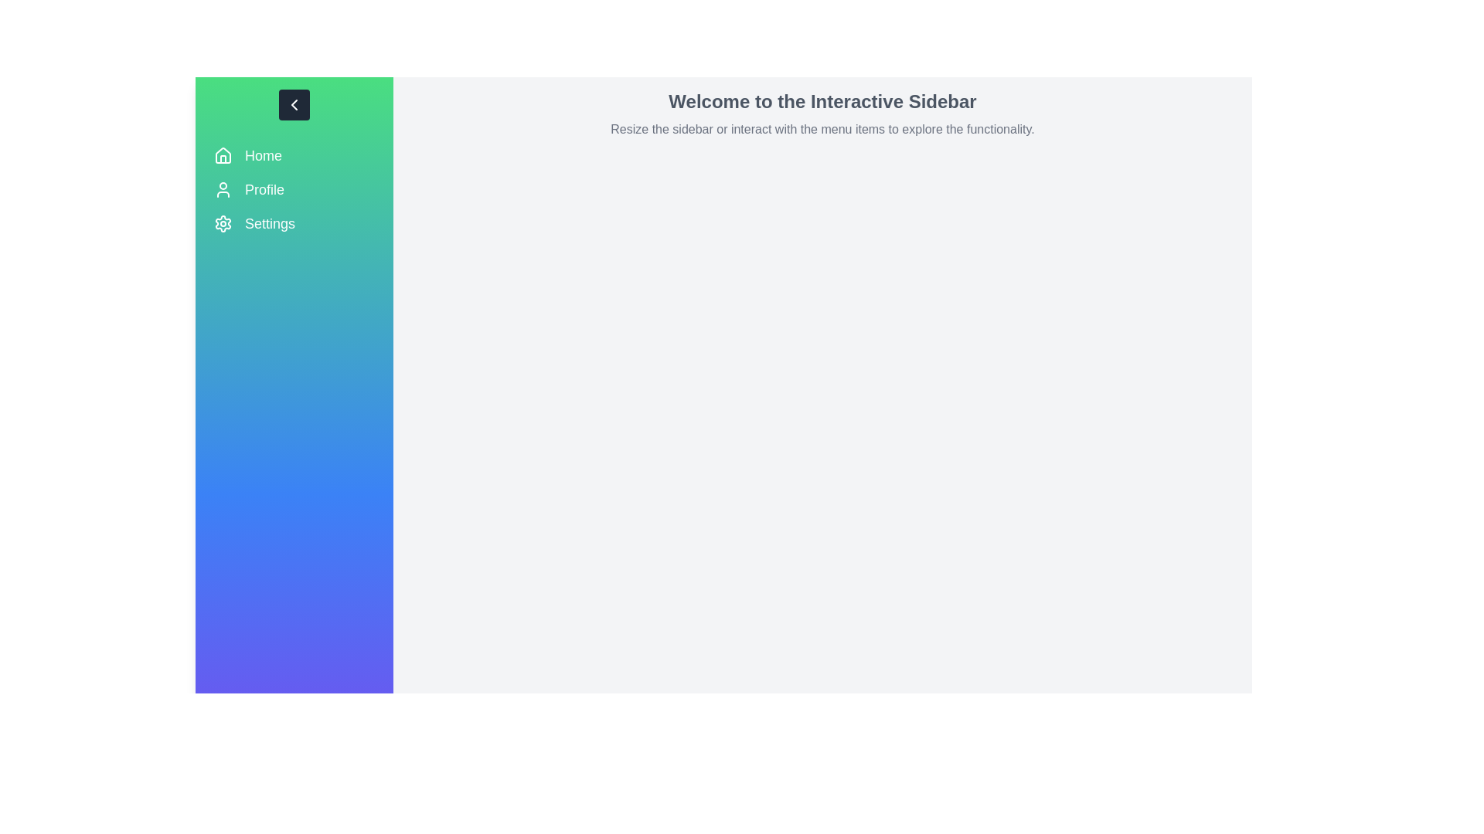 This screenshot has height=834, width=1484. What do you see at coordinates (294, 189) in the screenshot?
I see `the menu item Profile to navigate to the corresponding section` at bounding box center [294, 189].